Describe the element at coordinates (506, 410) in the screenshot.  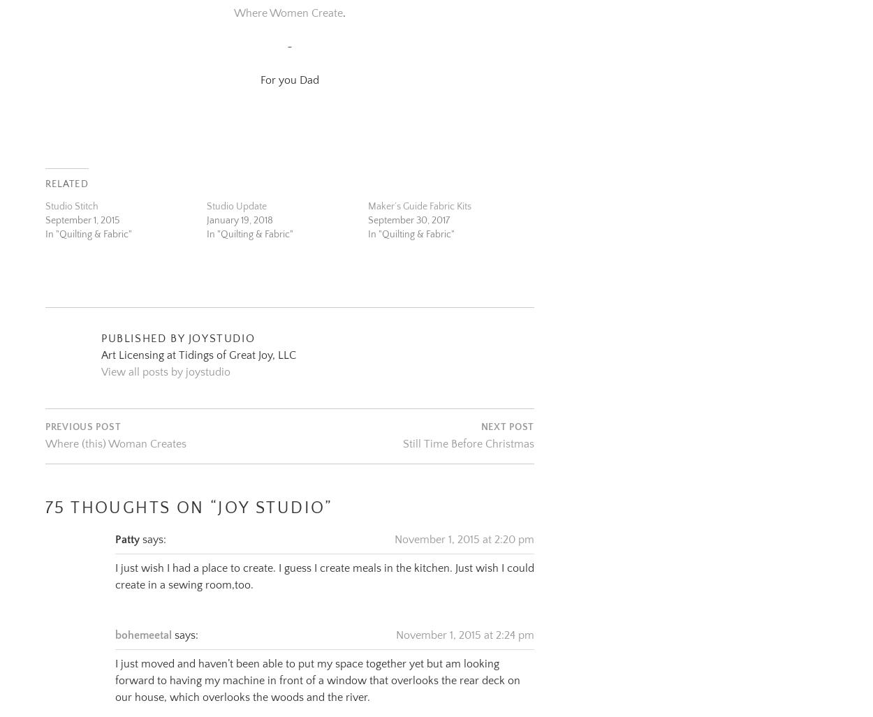
I see `'Next Post'` at that location.